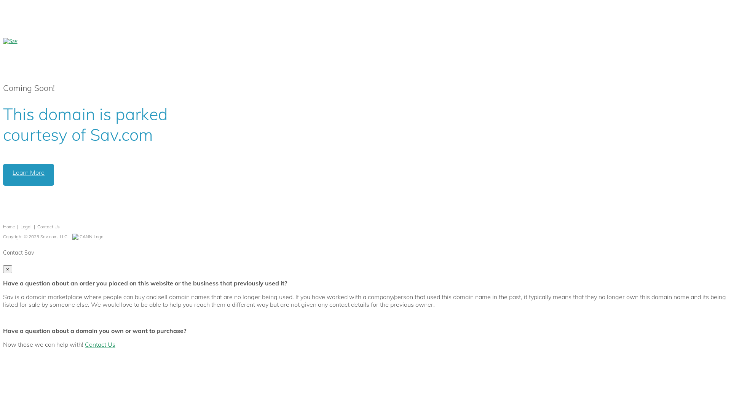  I want to click on 'Contact Us', so click(100, 344).